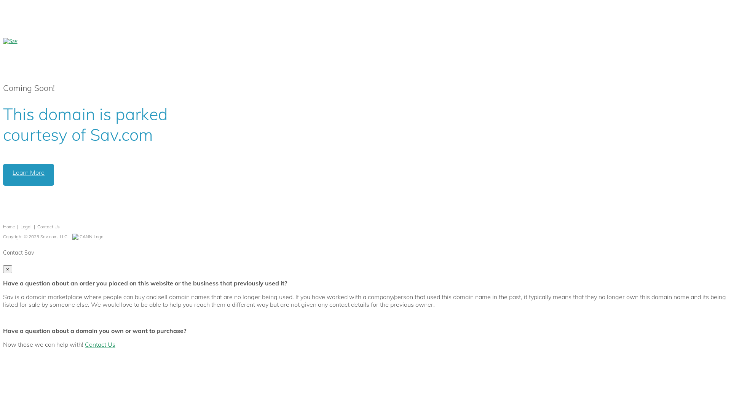  I want to click on 'Contact Us', so click(100, 344).